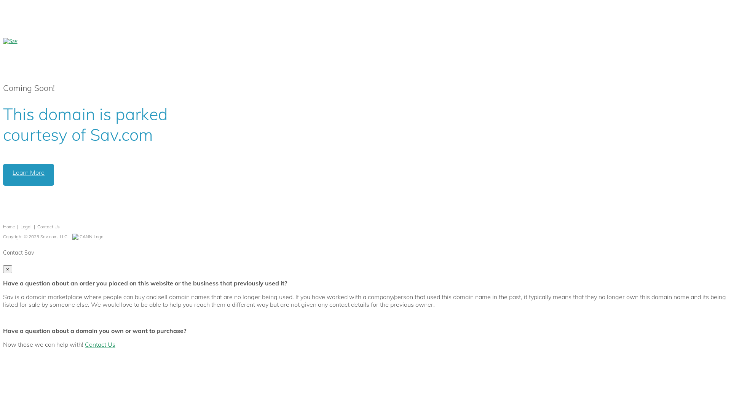  I want to click on 'Contact Us', so click(100, 344).